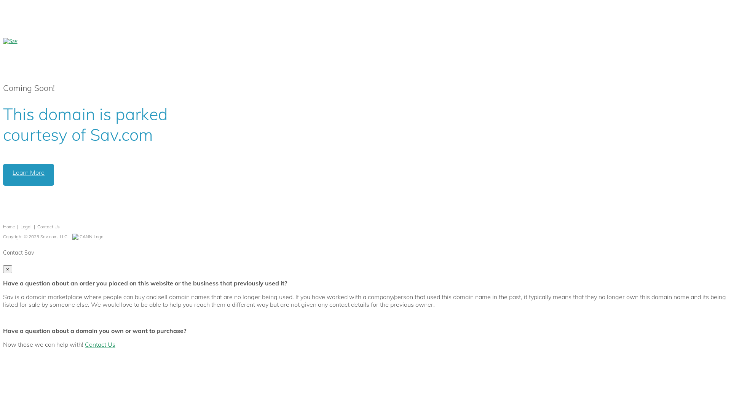  I want to click on 'Contact Us', so click(100, 344).